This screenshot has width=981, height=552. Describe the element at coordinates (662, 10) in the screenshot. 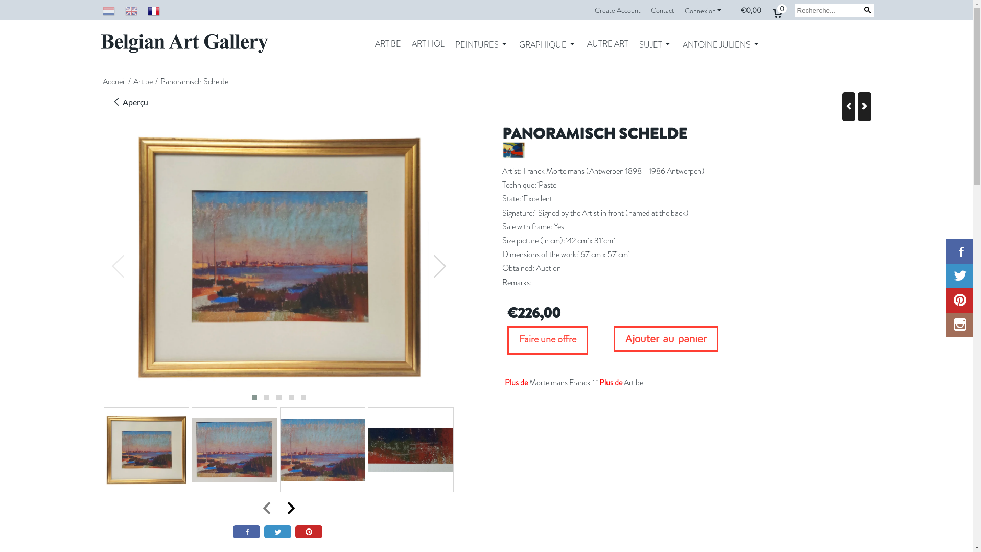

I see `'Contact'` at that location.